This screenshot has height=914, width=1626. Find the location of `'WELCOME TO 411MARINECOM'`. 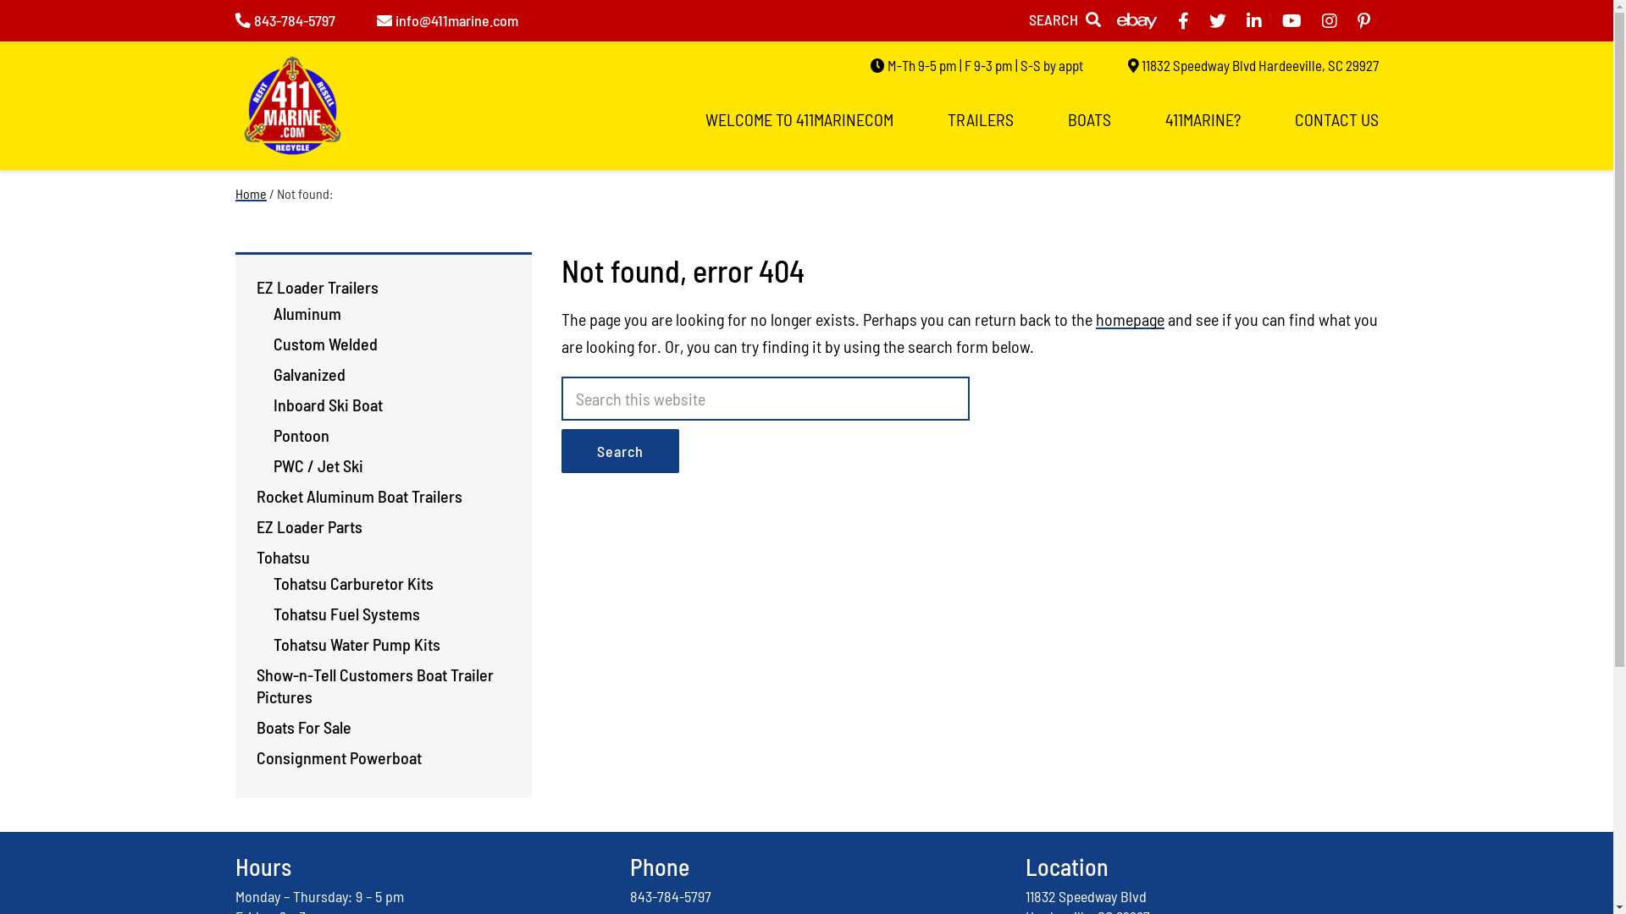

'WELCOME TO 411MARINECOM' is located at coordinates (797, 118).